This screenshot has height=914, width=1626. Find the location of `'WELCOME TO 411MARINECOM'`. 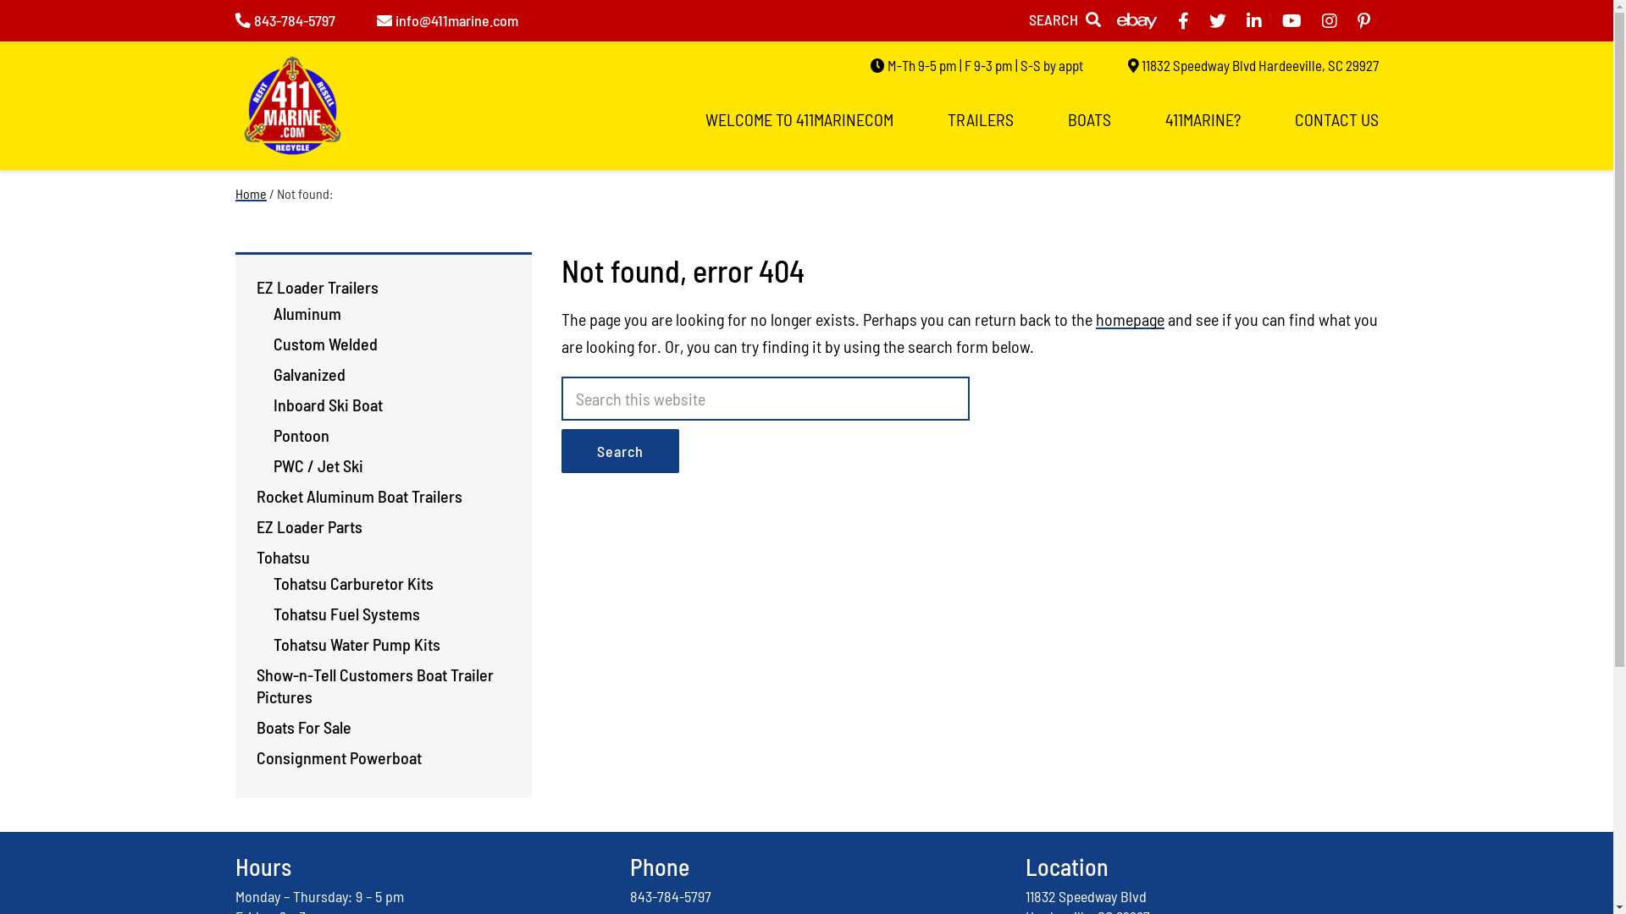

'WELCOME TO 411MARINECOM' is located at coordinates (797, 118).